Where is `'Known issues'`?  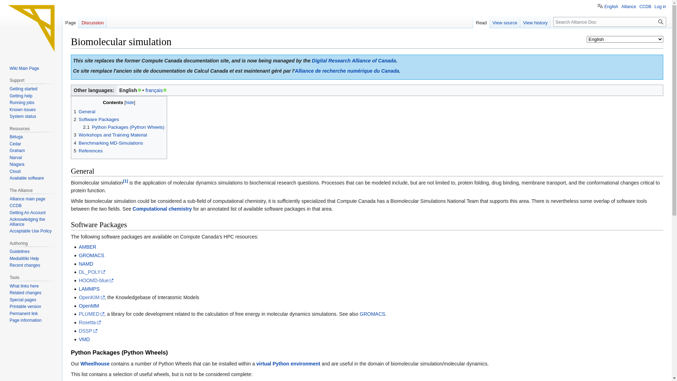 'Known issues' is located at coordinates (22, 110).